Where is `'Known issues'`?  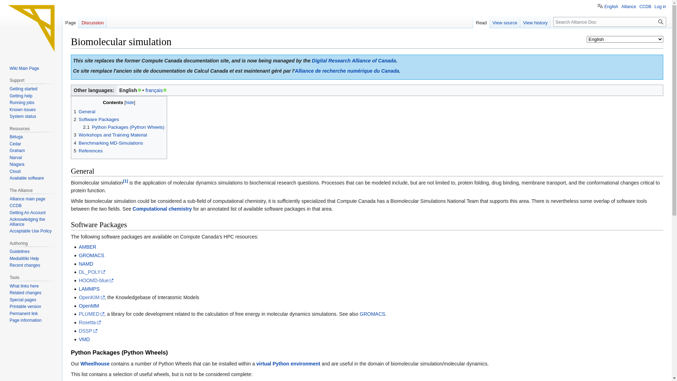 'Known issues' is located at coordinates (22, 110).